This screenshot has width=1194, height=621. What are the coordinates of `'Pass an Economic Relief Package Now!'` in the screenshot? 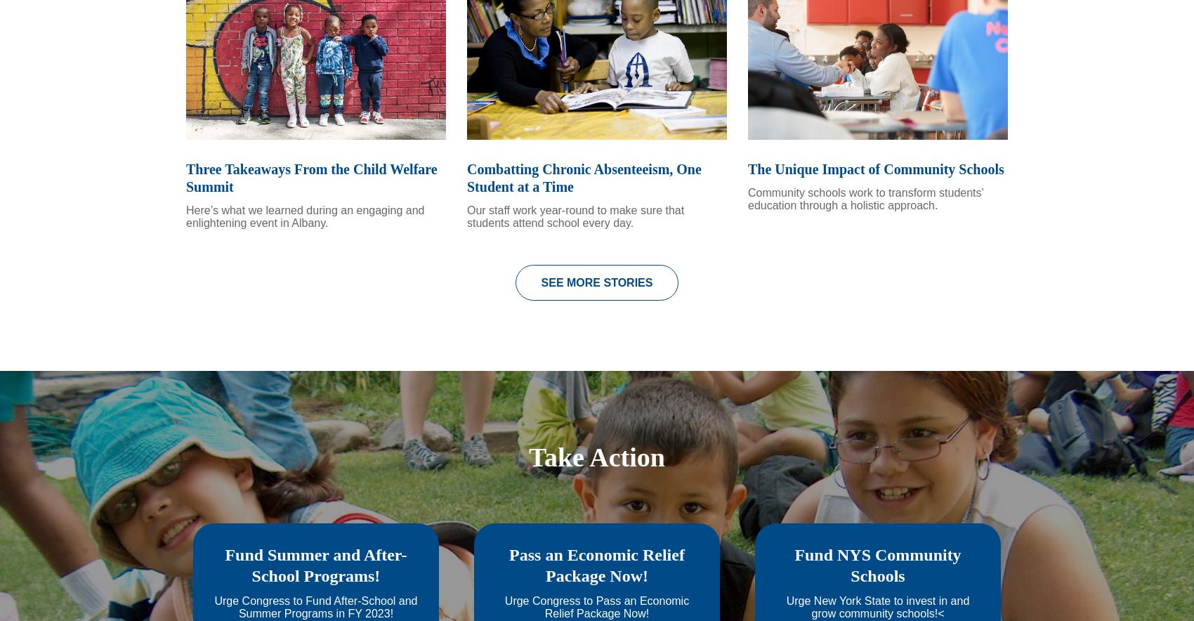 It's located at (596, 584).